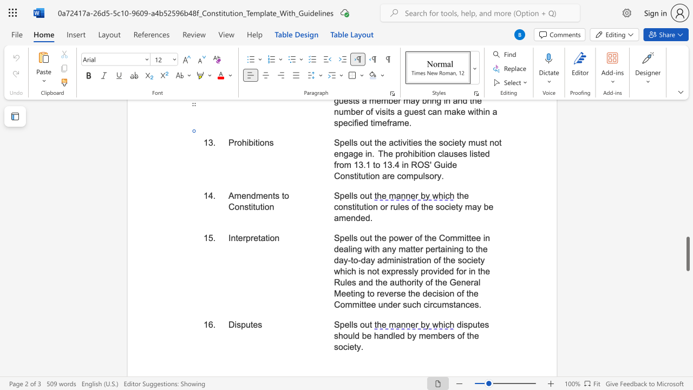 The image size is (693, 390). Describe the element at coordinates (379, 237) in the screenshot. I see `the 1th character "h" in the text` at that location.